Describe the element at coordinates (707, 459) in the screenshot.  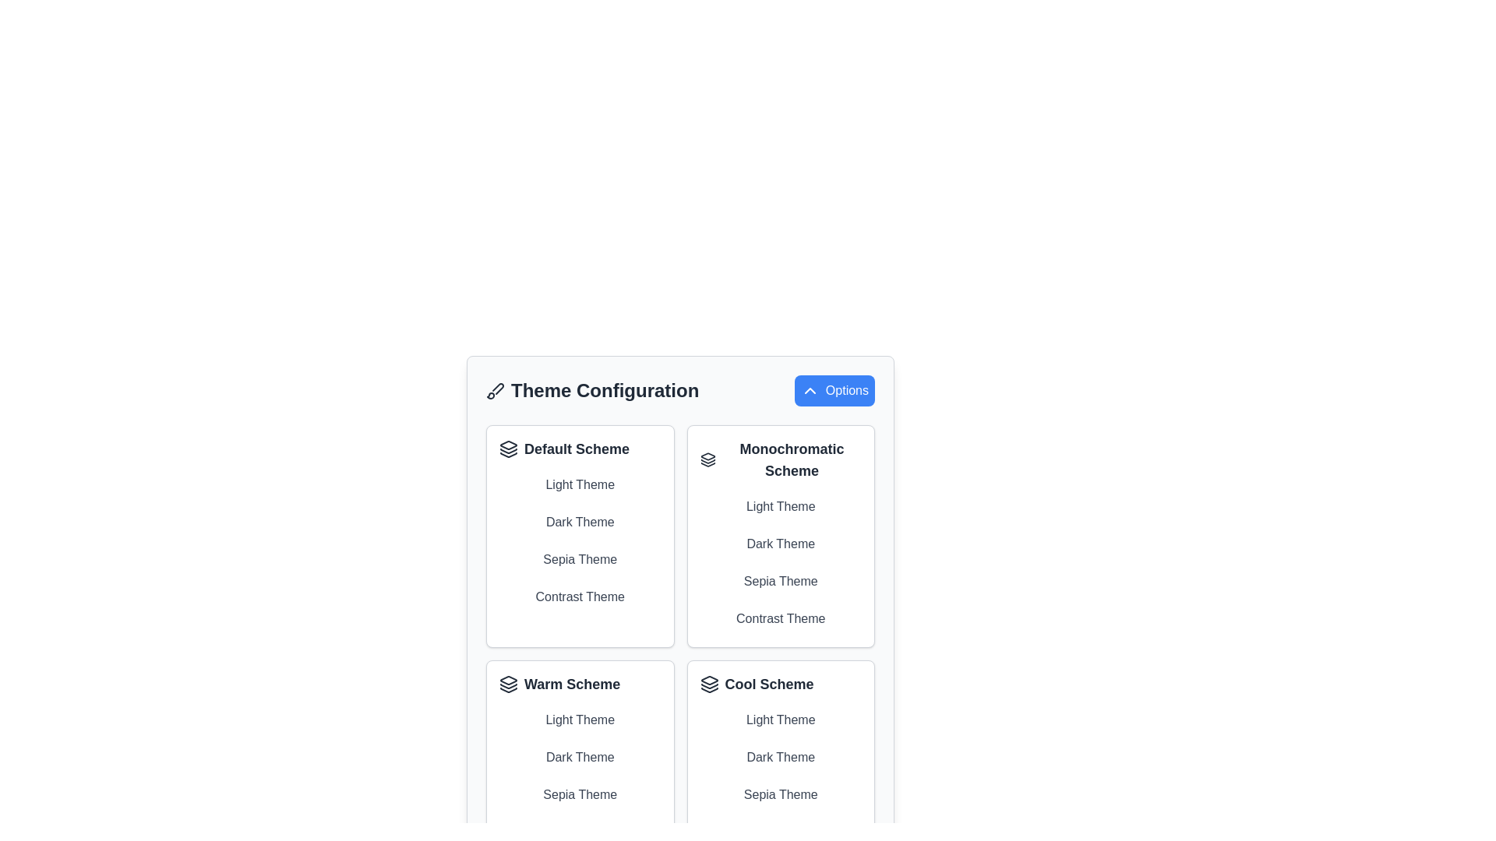
I see `the graphical icon resembling stacked layers, which is located to the left of the 'Monochromatic Scheme' title text in the top part of the card` at that location.